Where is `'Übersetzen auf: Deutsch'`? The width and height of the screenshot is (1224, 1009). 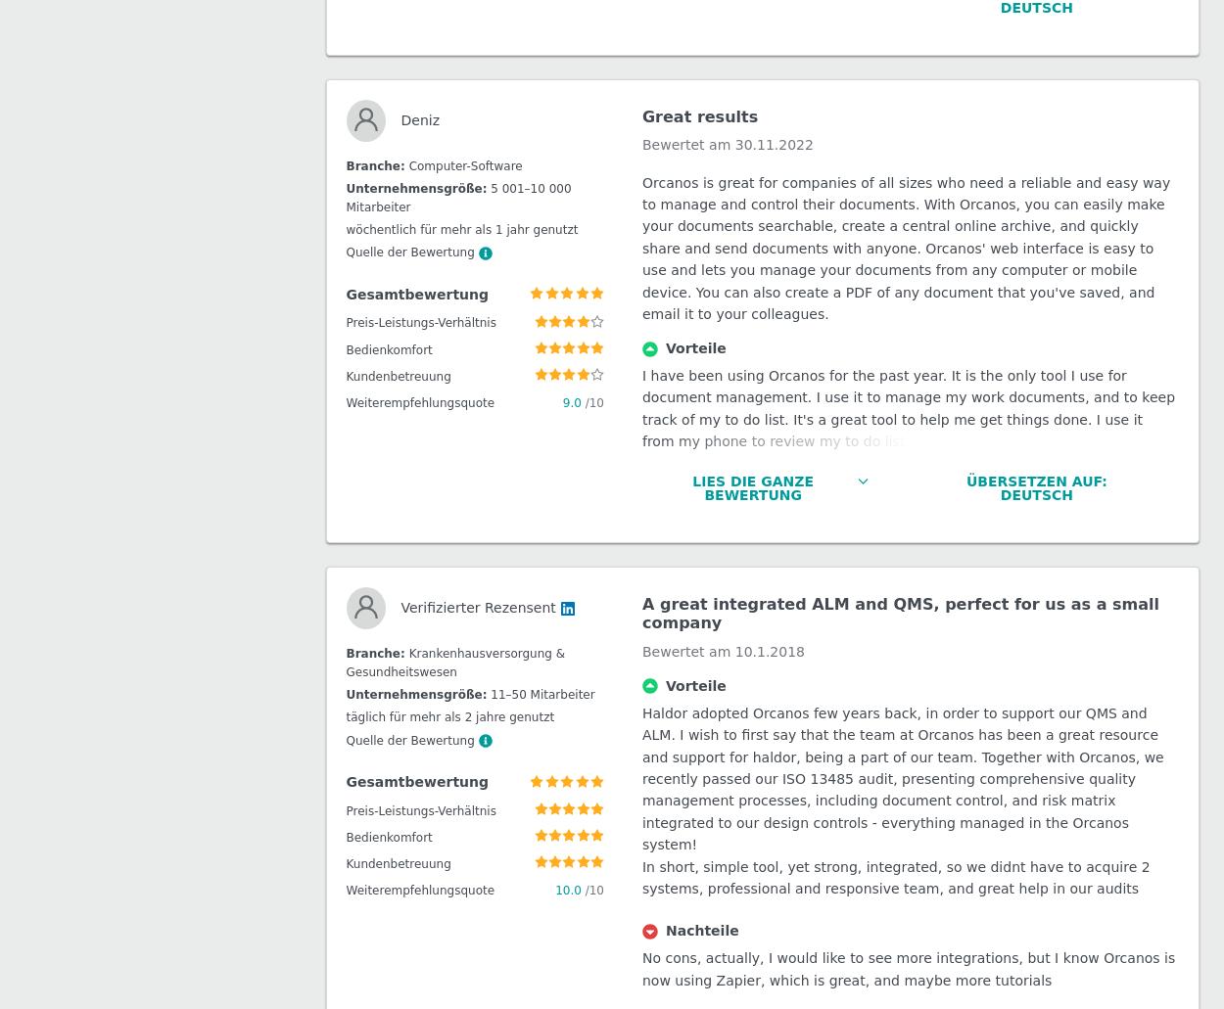 'Übersetzen auf: Deutsch' is located at coordinates (1036, 76).